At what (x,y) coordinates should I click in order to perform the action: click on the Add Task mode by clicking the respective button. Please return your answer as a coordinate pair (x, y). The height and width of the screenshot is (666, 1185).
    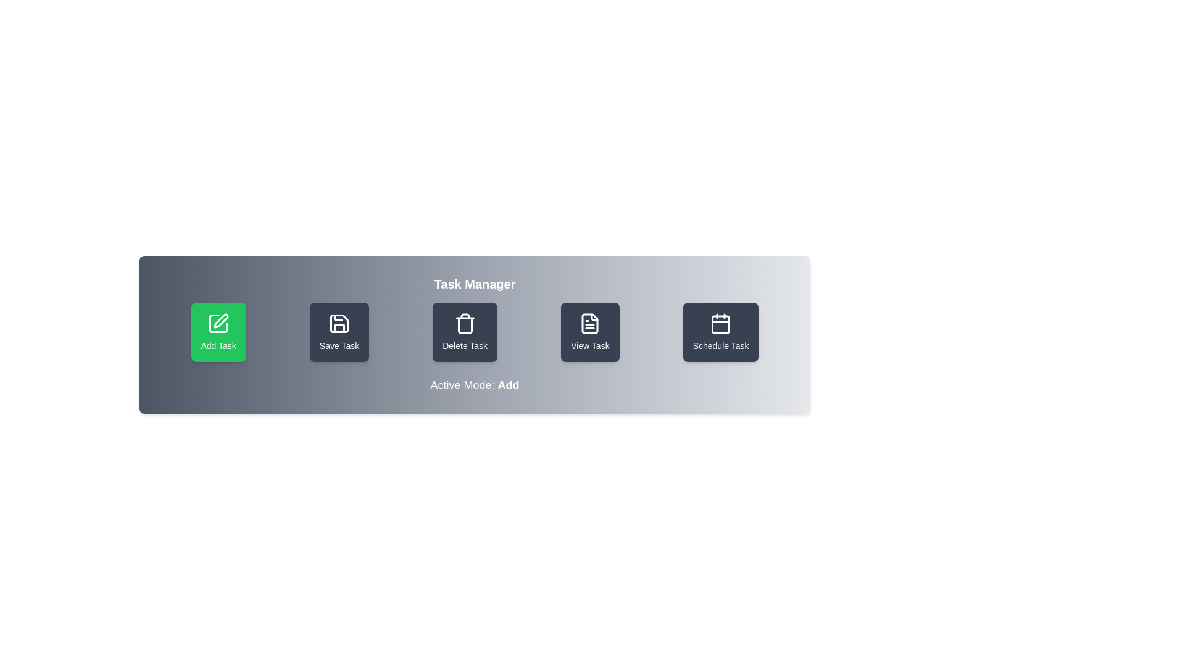
    Looking at the image, I should click on (218, 332).